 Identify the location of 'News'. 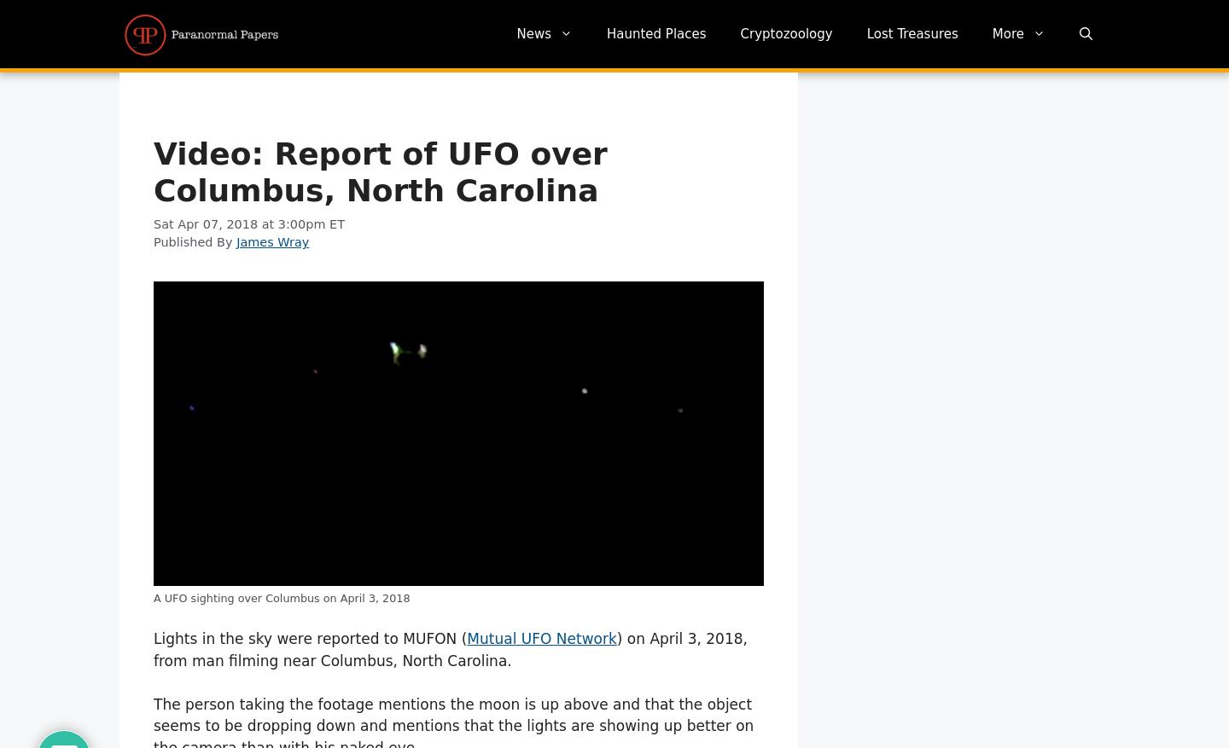
(532, 32).